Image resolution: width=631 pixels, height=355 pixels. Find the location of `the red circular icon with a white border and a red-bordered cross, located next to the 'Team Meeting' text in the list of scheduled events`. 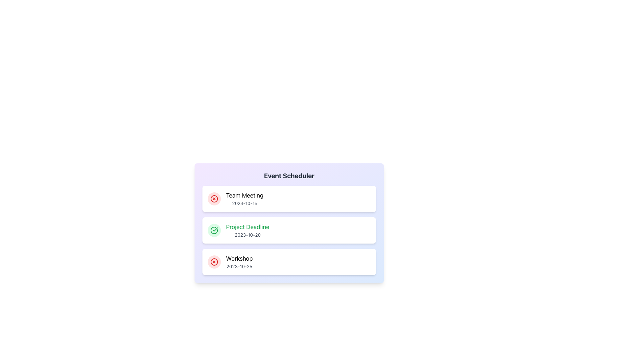

the red circular icon with a white border and a red-bordered cross, located next to the 'Team Meeting' text in the list of scheduled events is located at coordinates (214, 199).